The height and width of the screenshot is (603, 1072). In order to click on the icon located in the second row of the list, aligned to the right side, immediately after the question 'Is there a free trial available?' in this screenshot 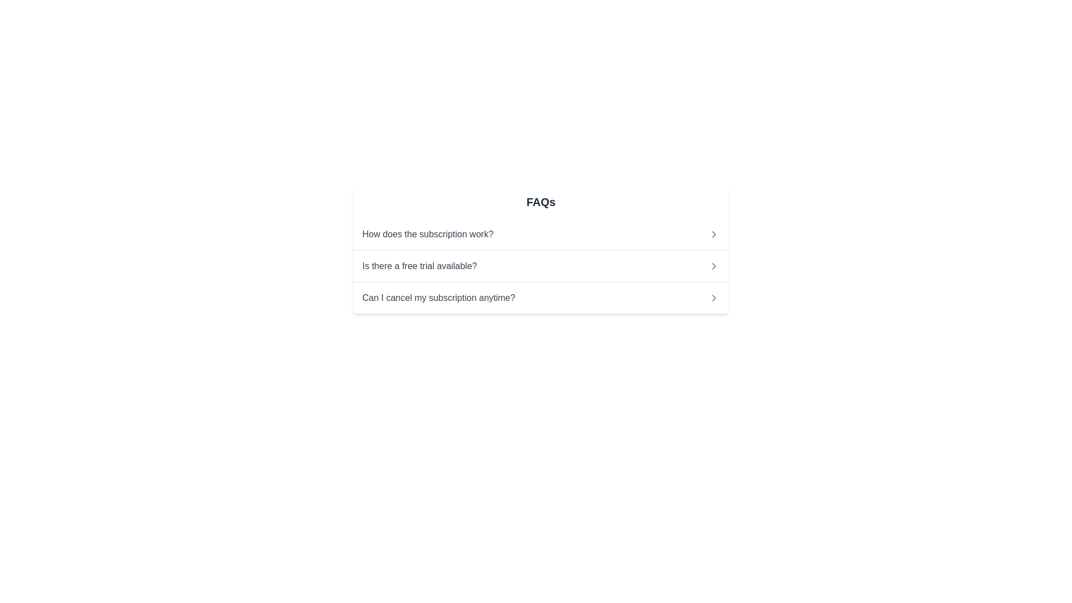, I will do `click(713, 266)`.